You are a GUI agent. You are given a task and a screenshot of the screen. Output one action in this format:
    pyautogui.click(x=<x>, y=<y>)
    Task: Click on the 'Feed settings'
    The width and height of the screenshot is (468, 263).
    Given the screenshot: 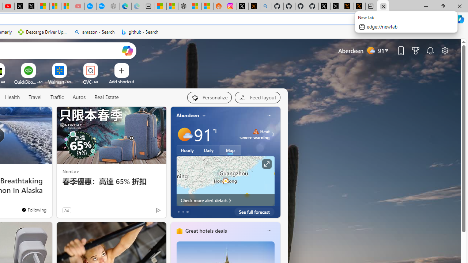 What is the action you would take?
    pyautogui.click(x=257, y=97)
    